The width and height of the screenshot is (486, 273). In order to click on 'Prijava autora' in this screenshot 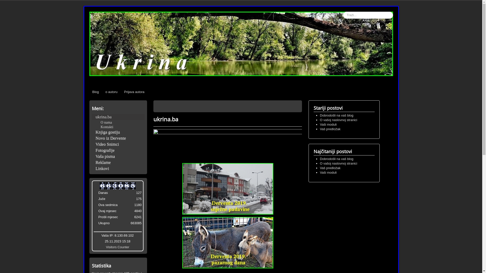, I will do `click(134, 92)`.